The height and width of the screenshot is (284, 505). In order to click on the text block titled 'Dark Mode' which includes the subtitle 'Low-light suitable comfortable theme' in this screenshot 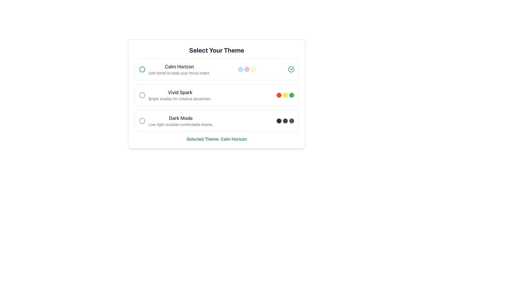, I will do `click(181, 121)`.